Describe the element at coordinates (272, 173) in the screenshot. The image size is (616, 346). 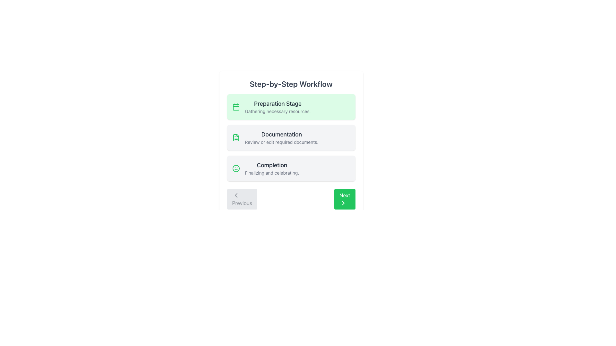
I see `the descriptive text element located below the 'Completion' label in the third section of the step-by-step workflow interface` at that location.